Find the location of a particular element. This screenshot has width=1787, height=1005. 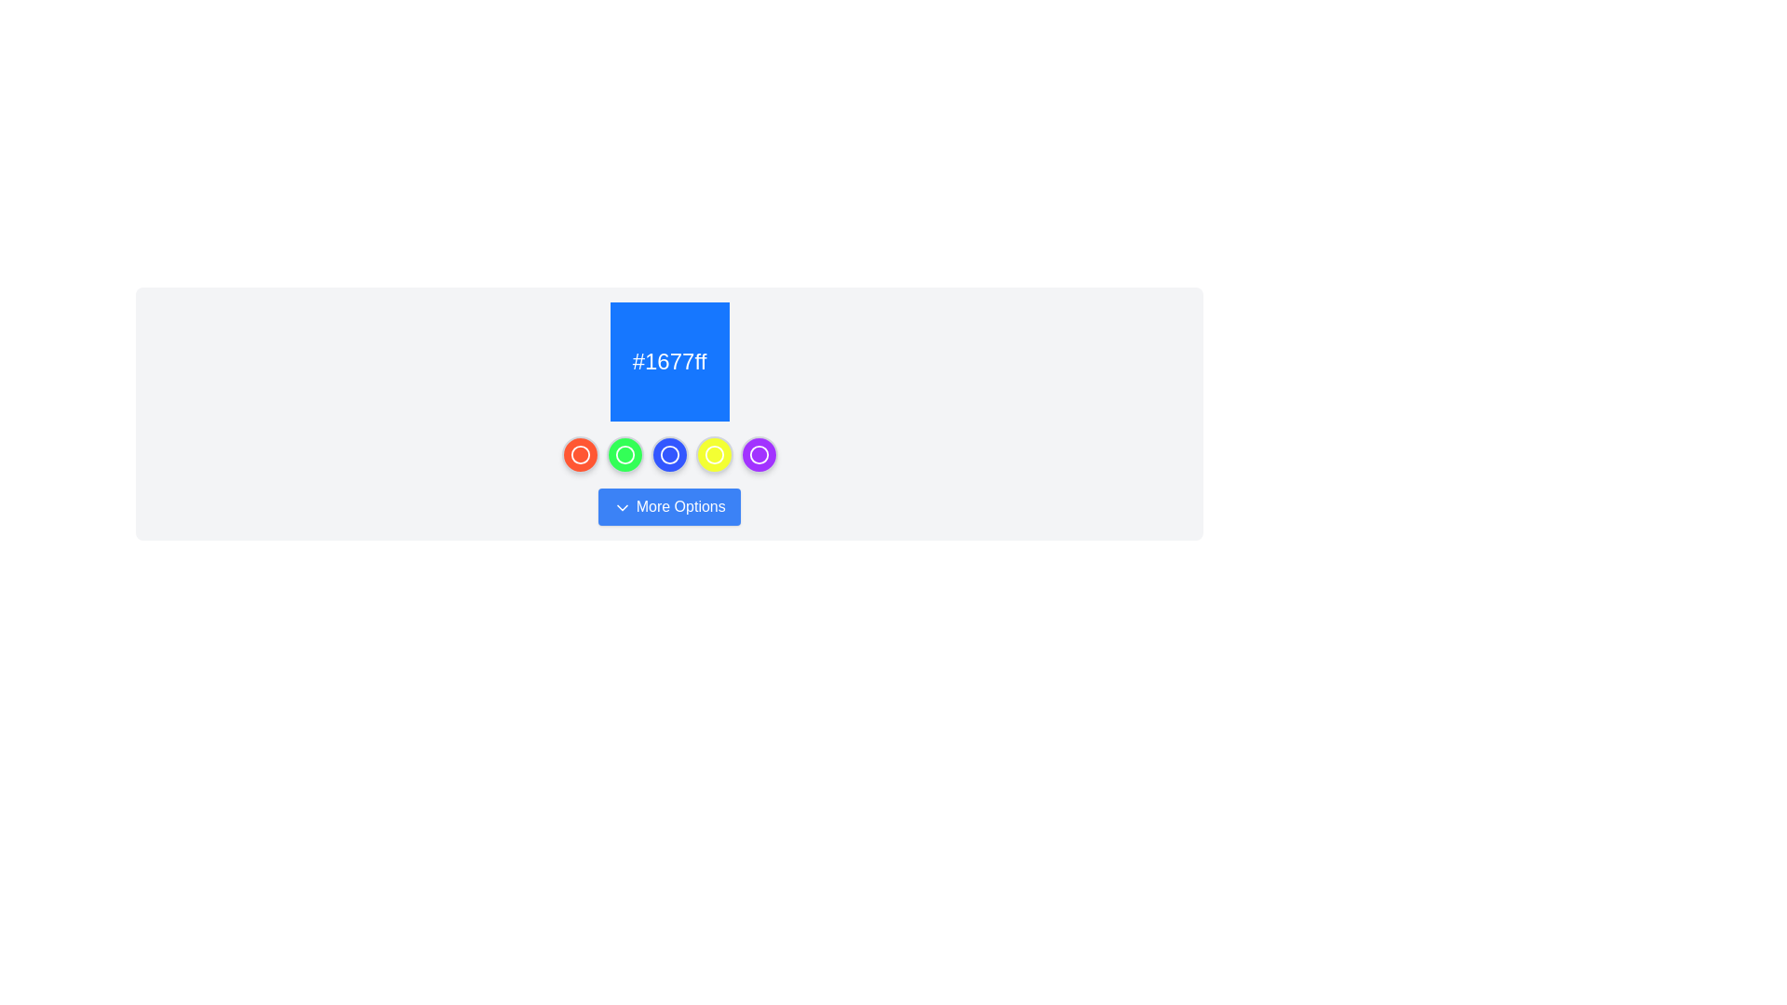

the fourth circular button from the left, positioned beneath the blue square and above the 'More Options' button is located at coordinates (713, 455).